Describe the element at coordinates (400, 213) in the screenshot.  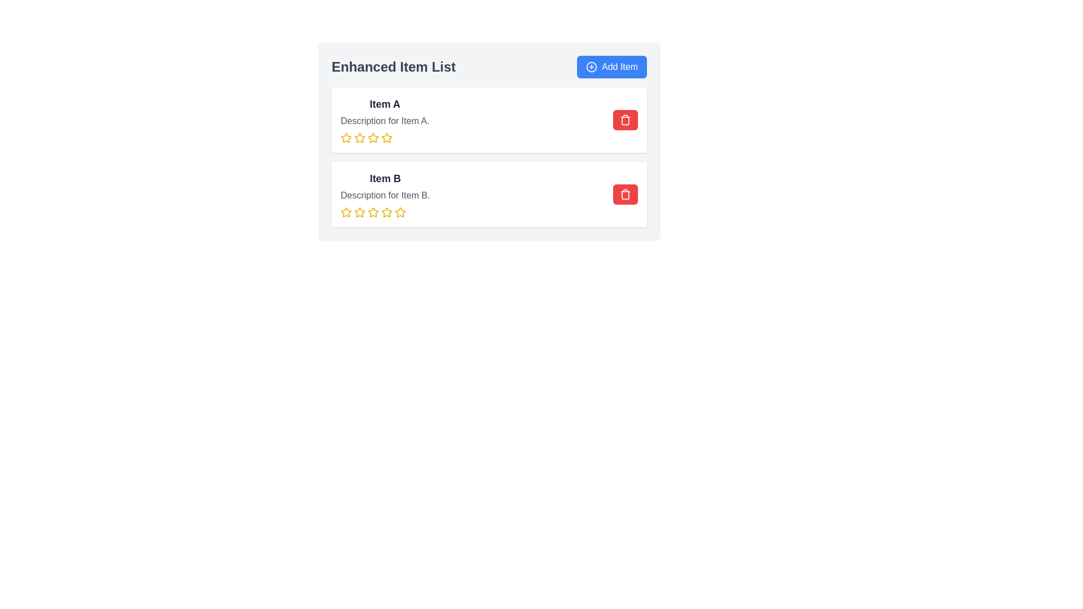
I see `the fifth star icon in the rating control for 'Item B'` at that location.